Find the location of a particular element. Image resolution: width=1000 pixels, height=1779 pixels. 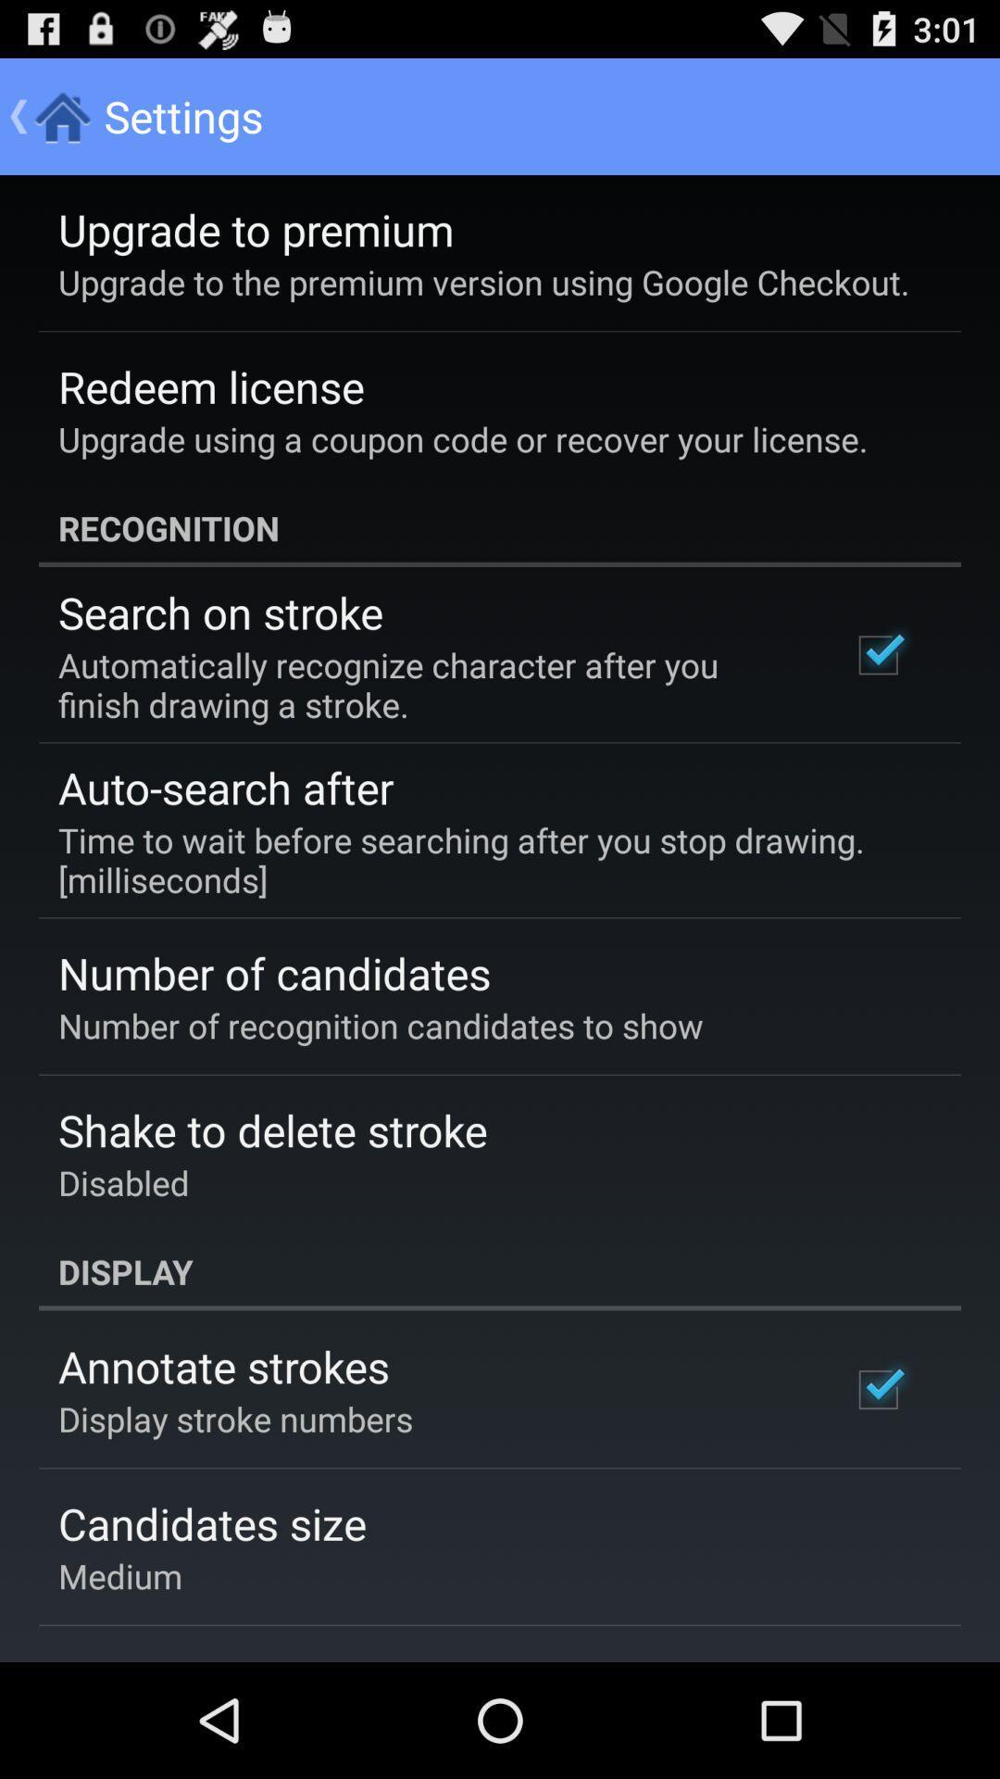

medium item is located at coordinates (120, 1574).